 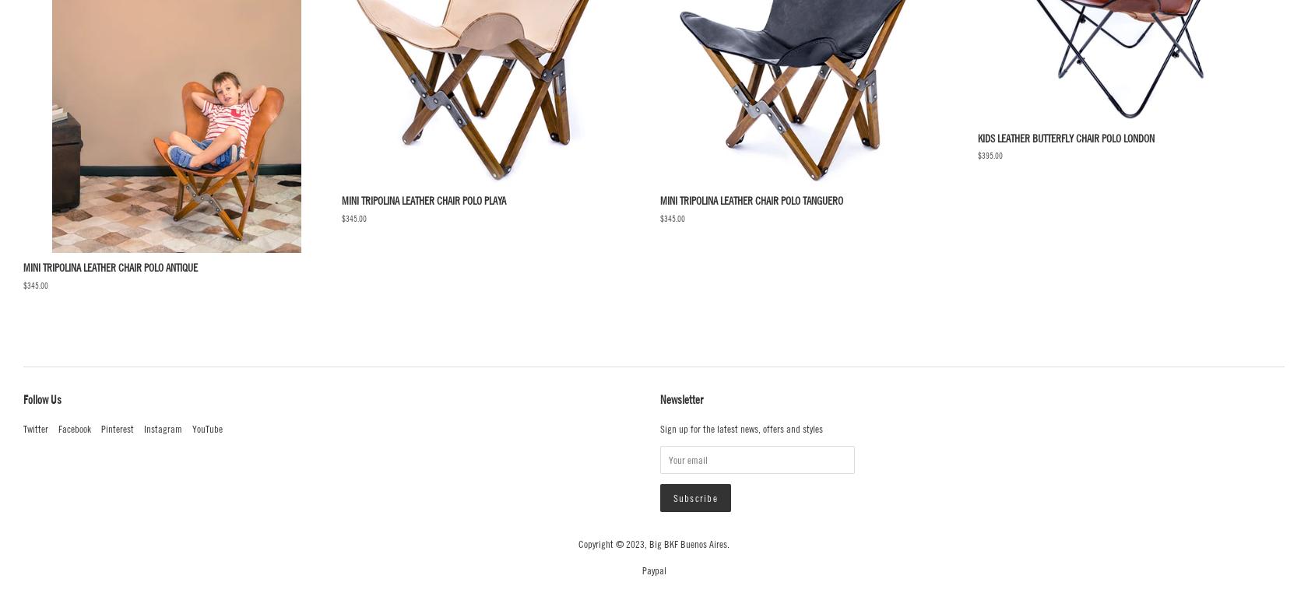 I want to click on 'Copyright © 2023, Big BKF Buenos Aires.', so click(x=654, y=542).